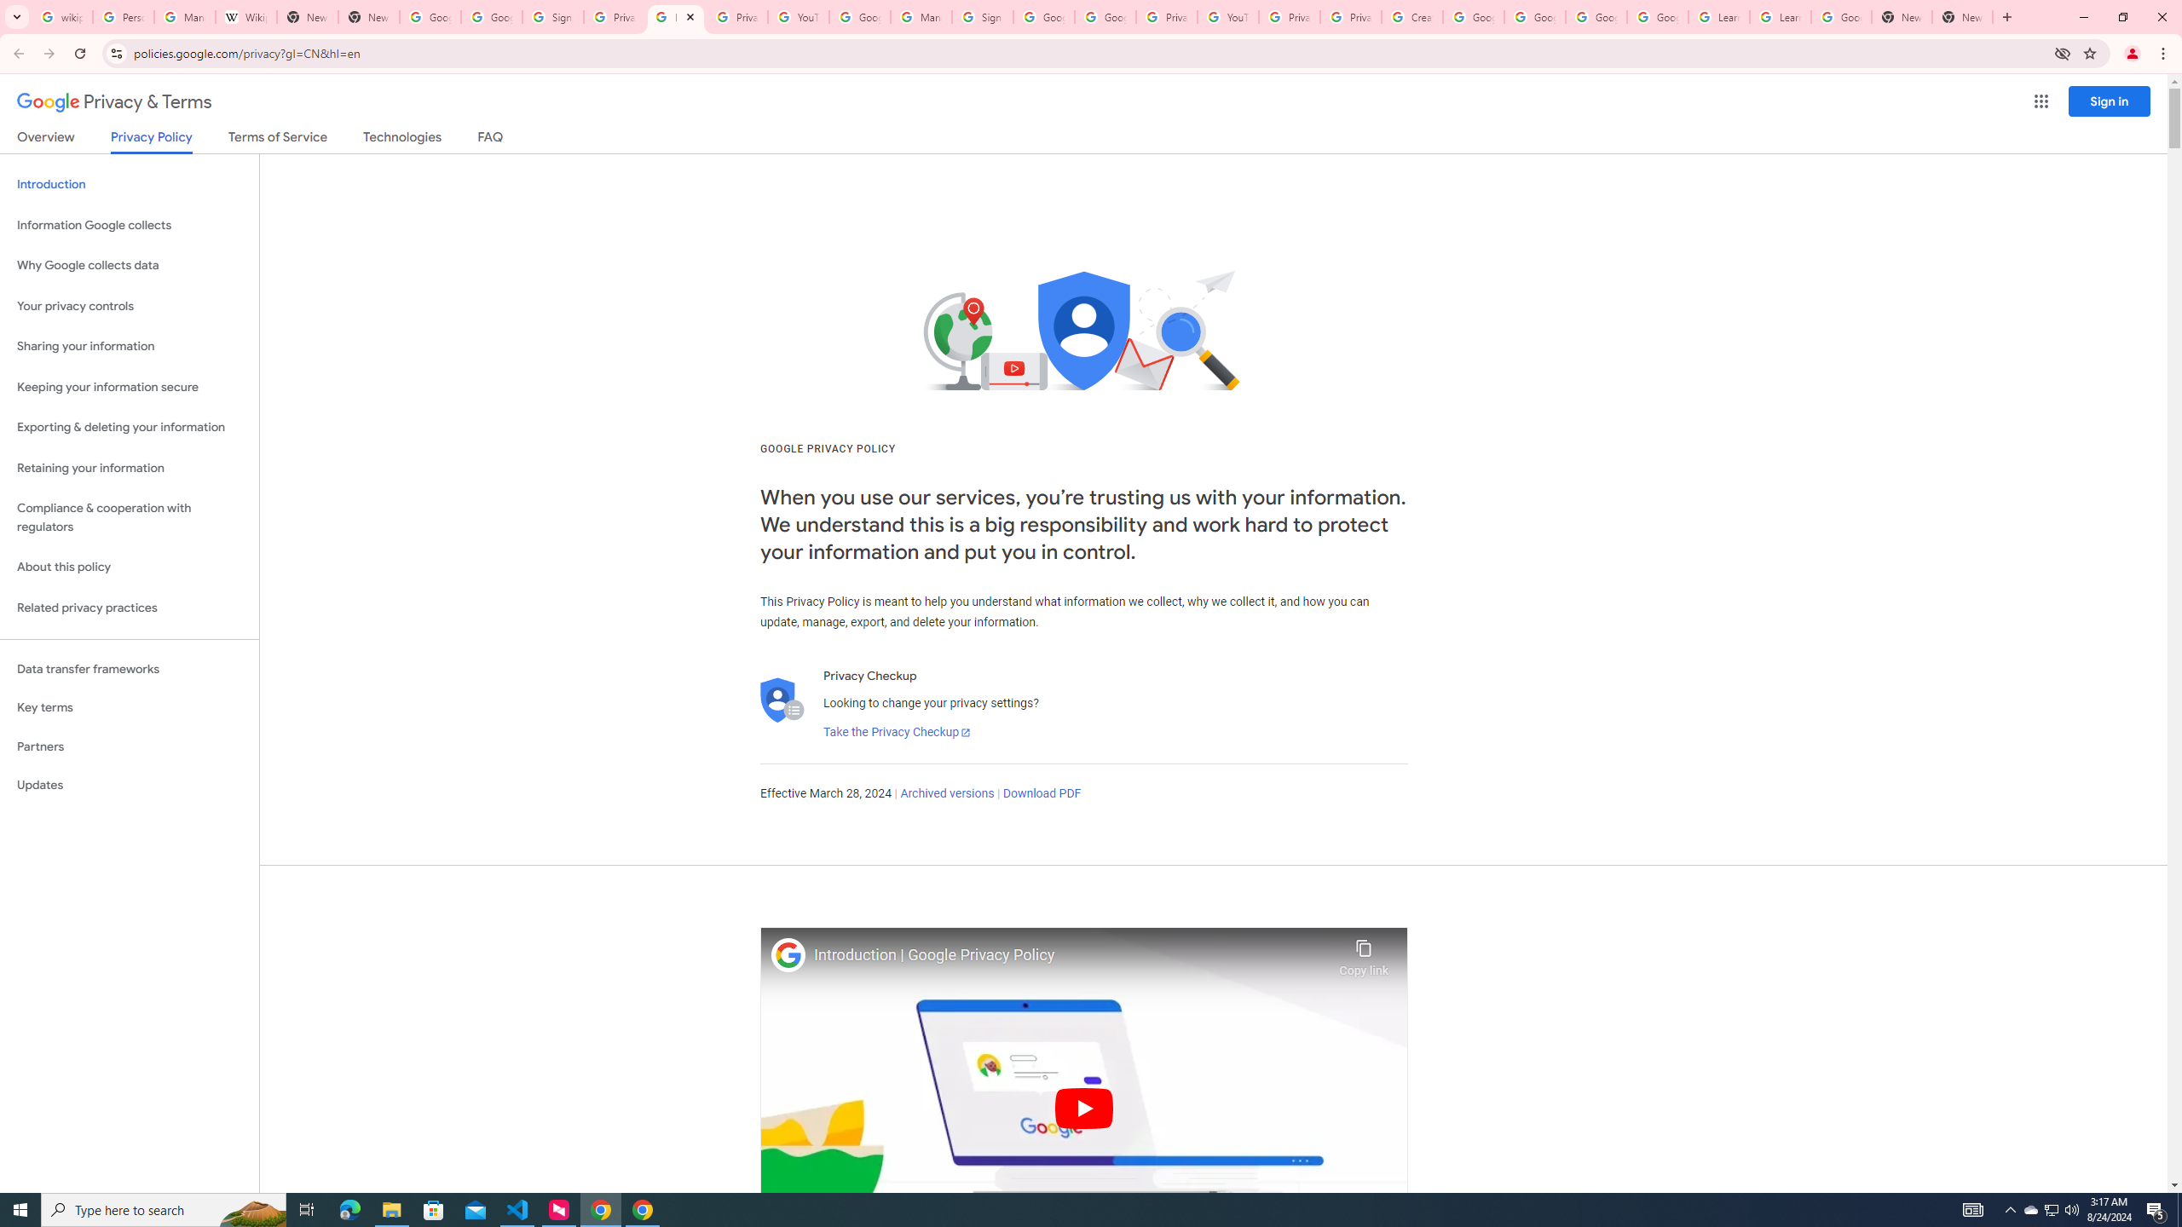 The image size is (2182, 1227). I want to click on 'Why Google collects data', so click(129, 264).